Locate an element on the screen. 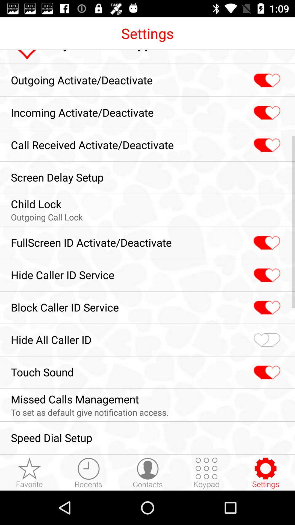 The image size is (295, 525). the time icon is located at coordinates (88, 472).